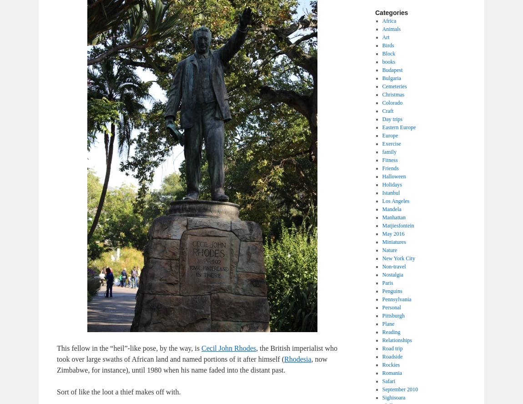  What do you see at coordinates (393, 94) in the screenshot?
I see `'Christmas'` at bounding box center [393, 94].